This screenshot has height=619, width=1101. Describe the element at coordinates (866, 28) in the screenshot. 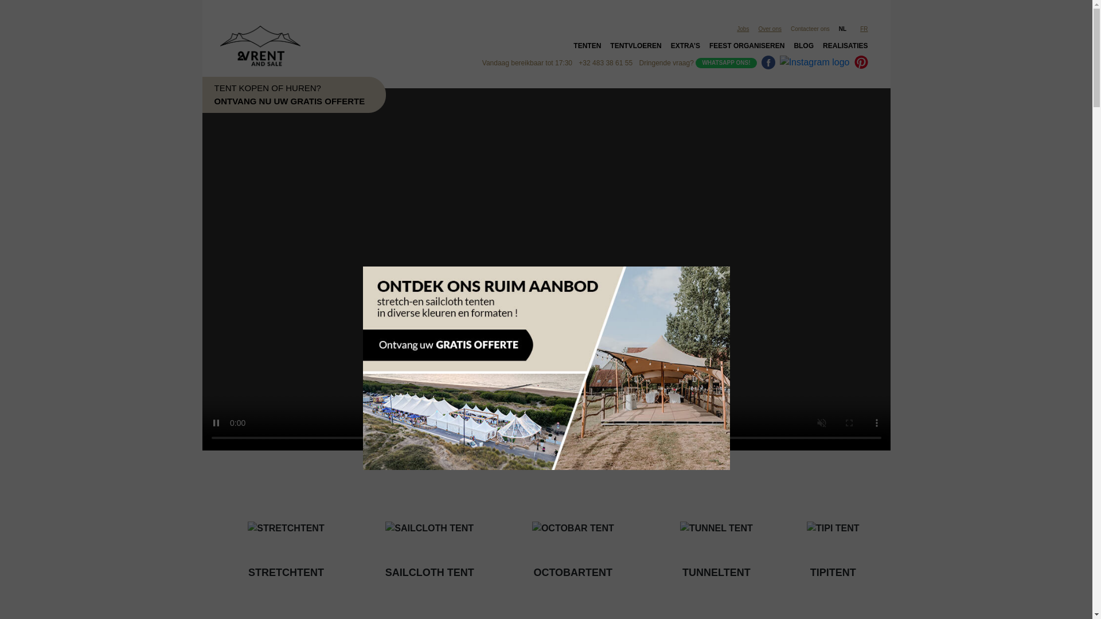

I see `'FR'` at that location.